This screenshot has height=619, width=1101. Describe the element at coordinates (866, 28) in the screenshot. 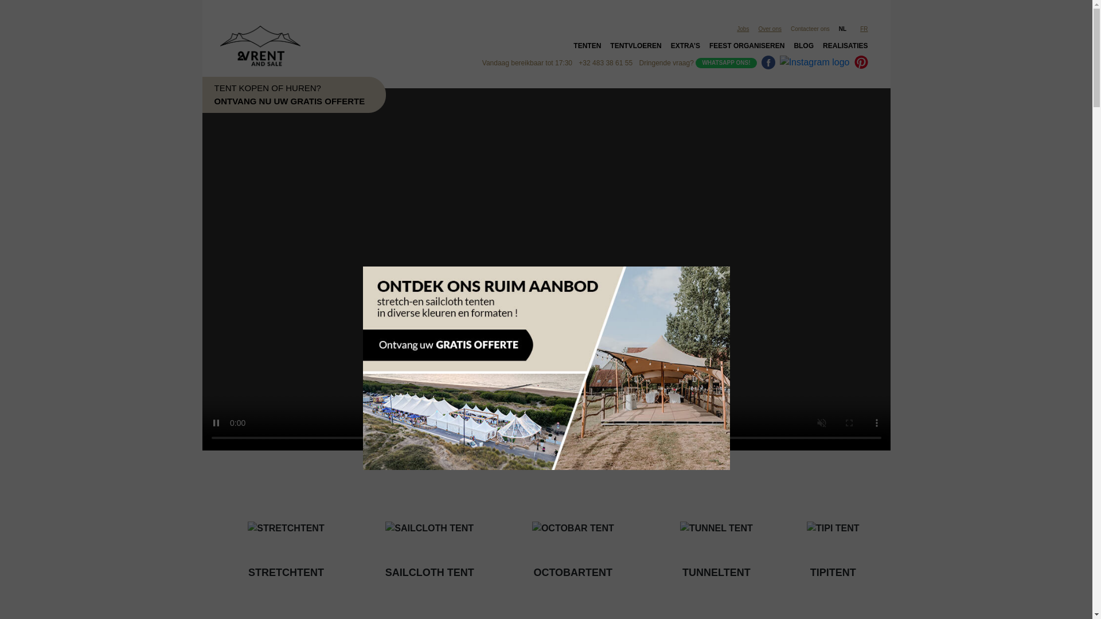

I see `'FR'` at that location.